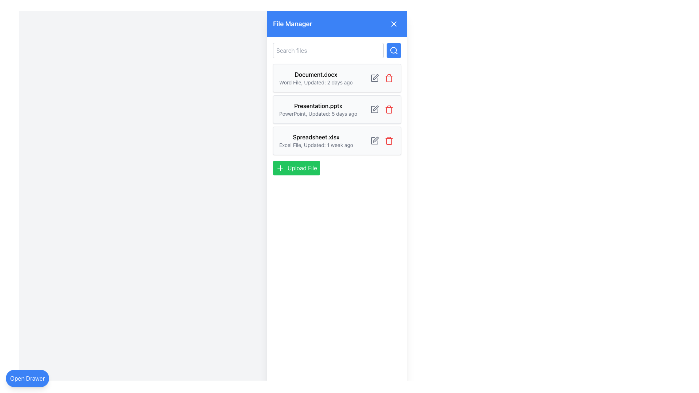 This screenshot has height=393, width=699. What do you see at coordinates (337, 109) in the screenshot?
I see `the File representation card for the file named 'Presentation.pptx' which is positioned in the 'File Manager' section, located between 'Document.docx' and 'Spreadsheet.xlsx'` at bounding box center [337, 109].